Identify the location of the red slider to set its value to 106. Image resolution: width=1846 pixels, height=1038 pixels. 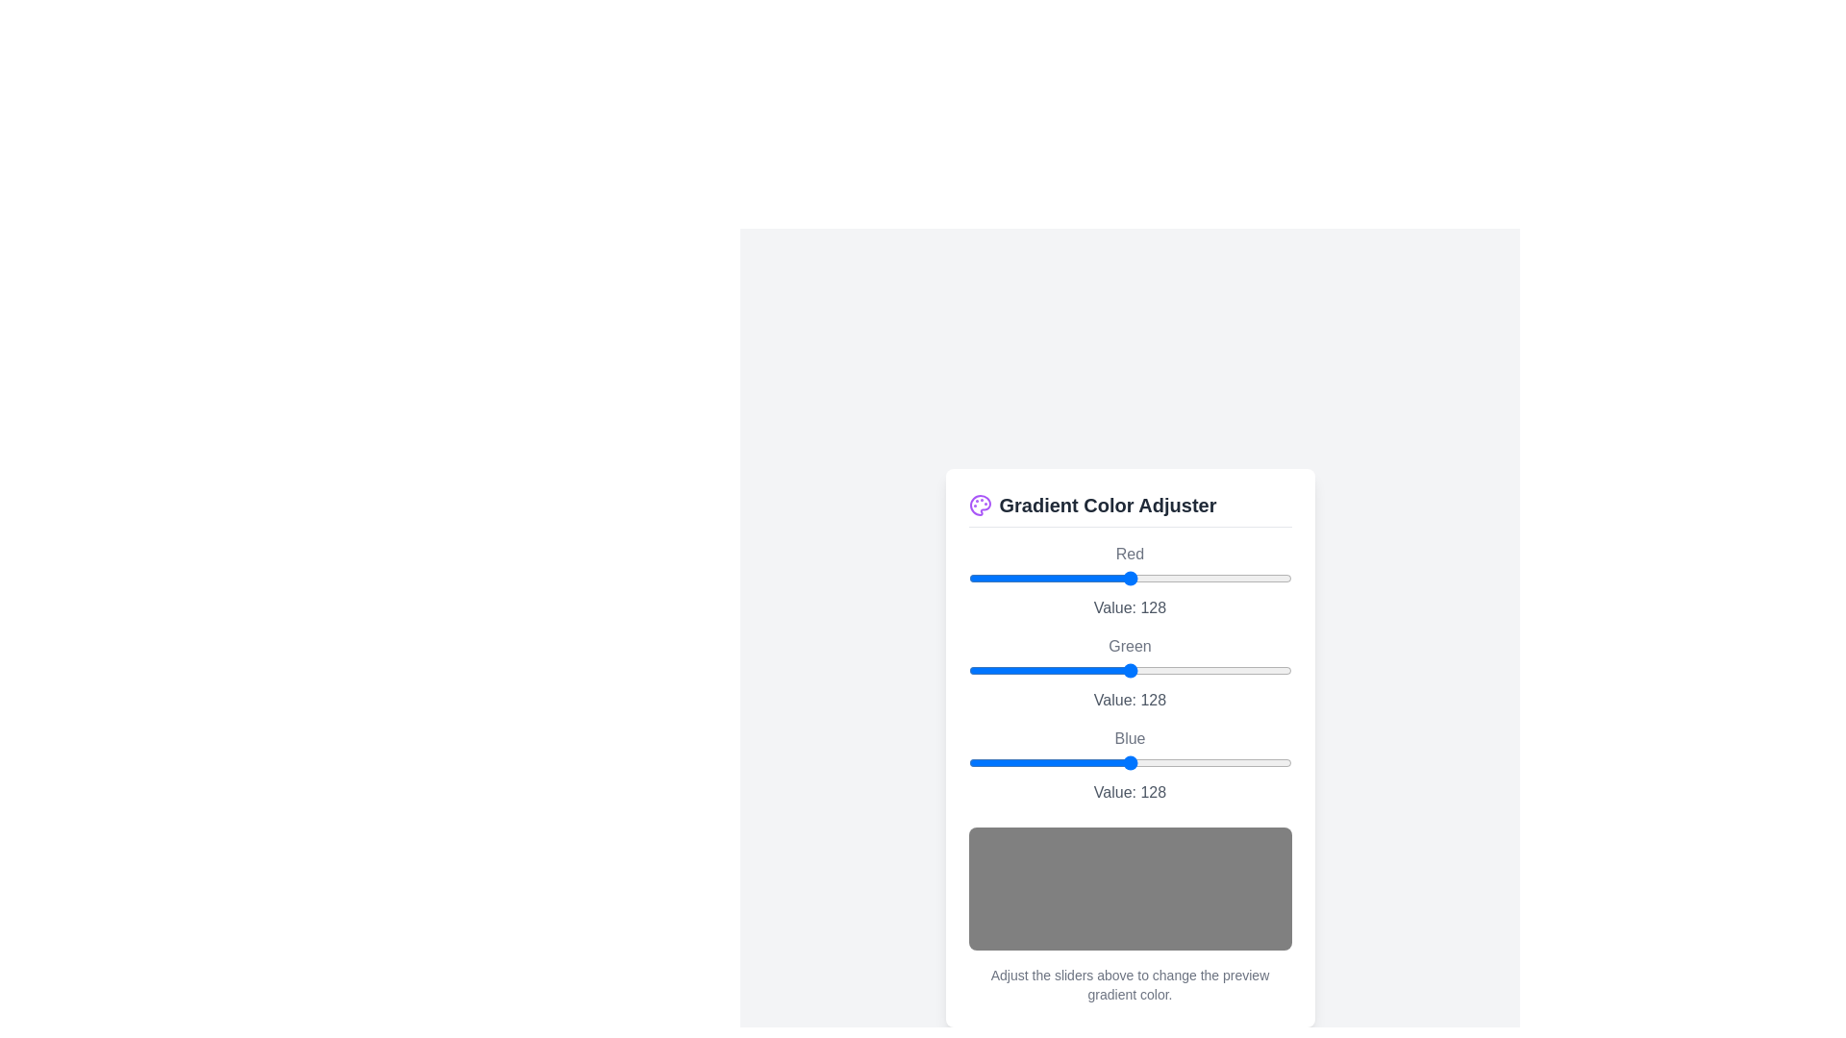
(1103, 577).